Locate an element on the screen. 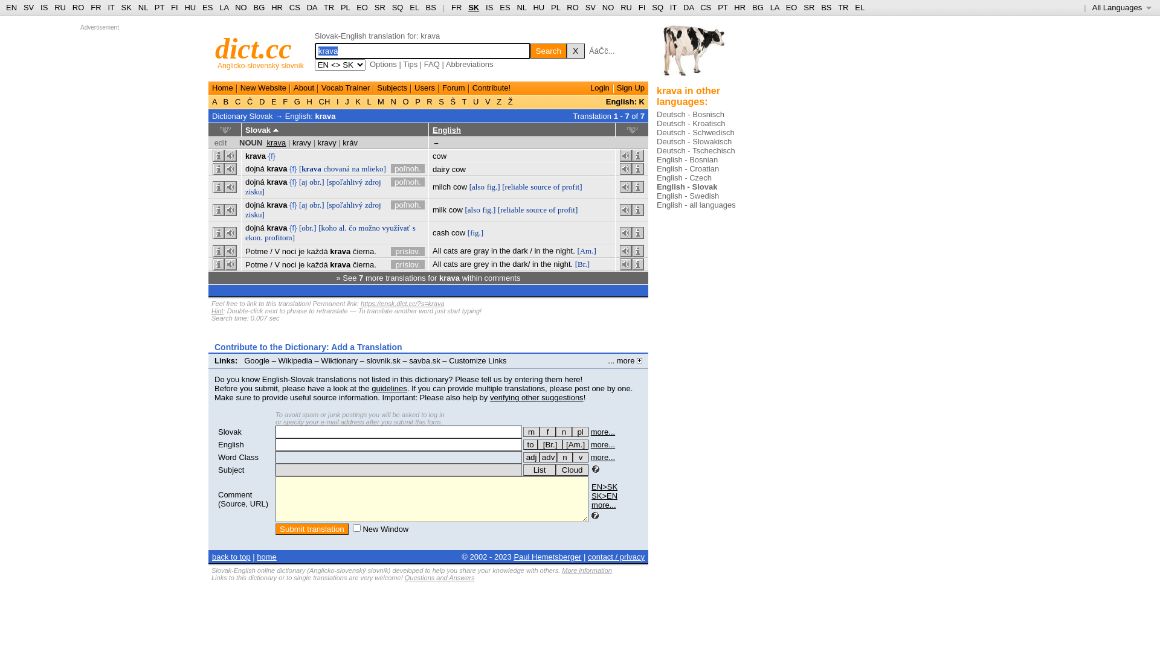  'Submit translation' is located at coordinates (312, 528).